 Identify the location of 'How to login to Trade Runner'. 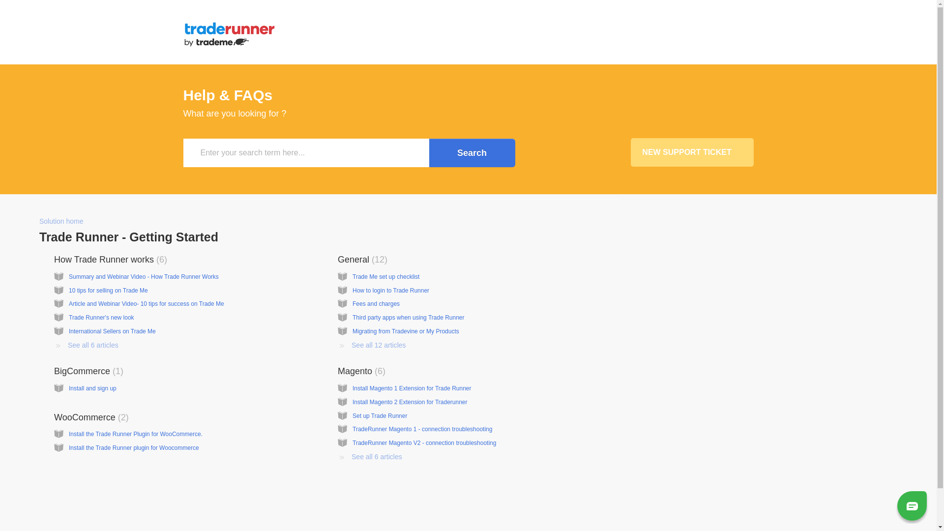
(390, 290).